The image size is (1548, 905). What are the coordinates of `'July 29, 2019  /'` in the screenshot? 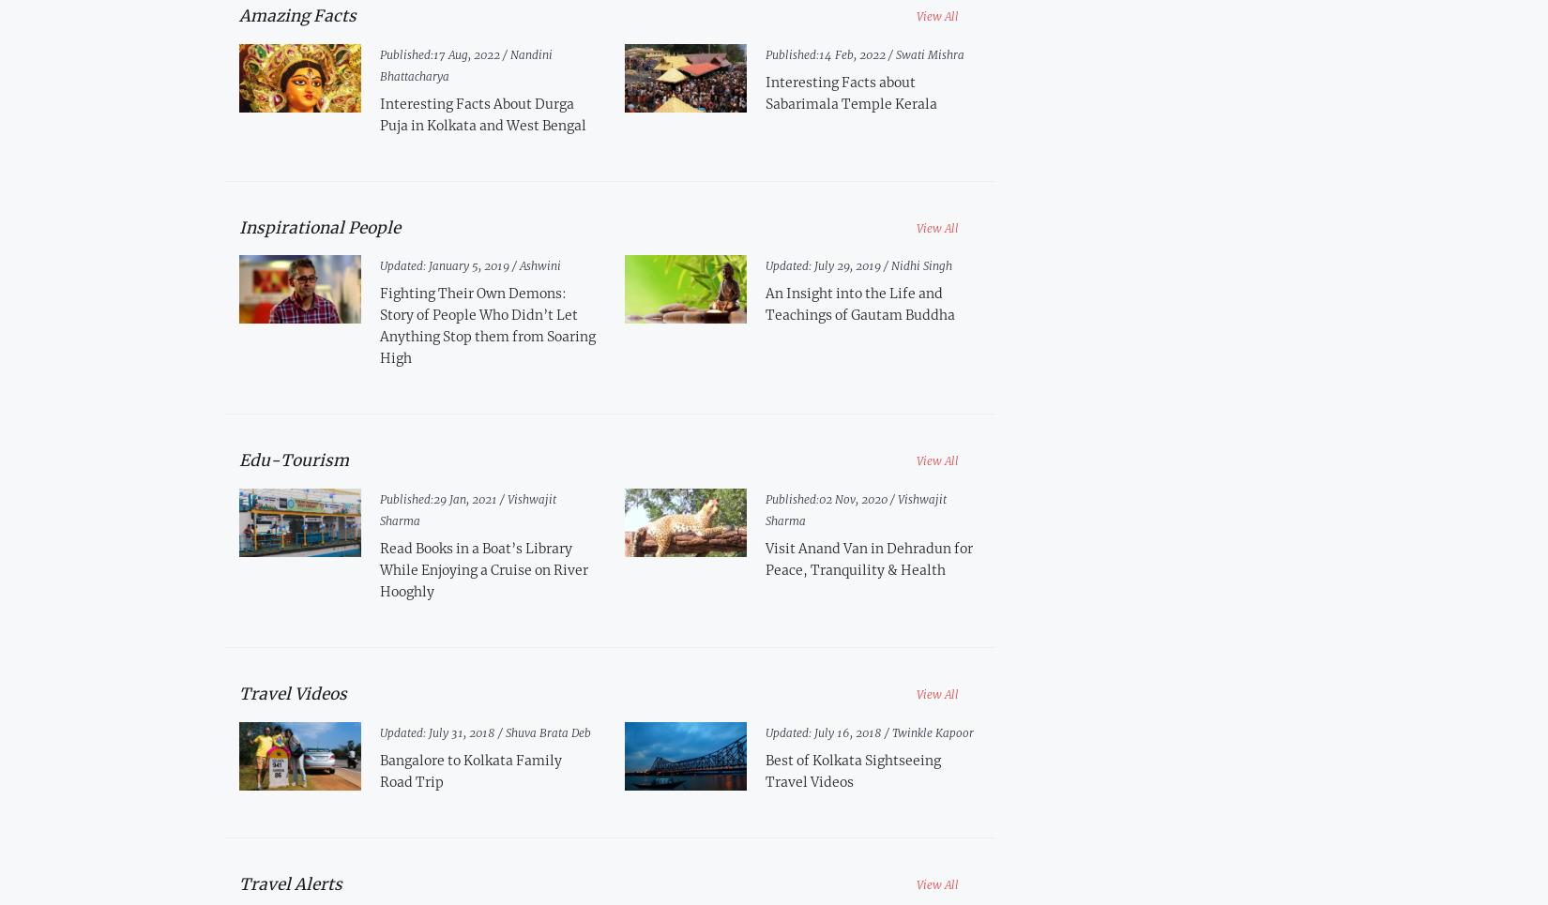 It's located at (811, 265).